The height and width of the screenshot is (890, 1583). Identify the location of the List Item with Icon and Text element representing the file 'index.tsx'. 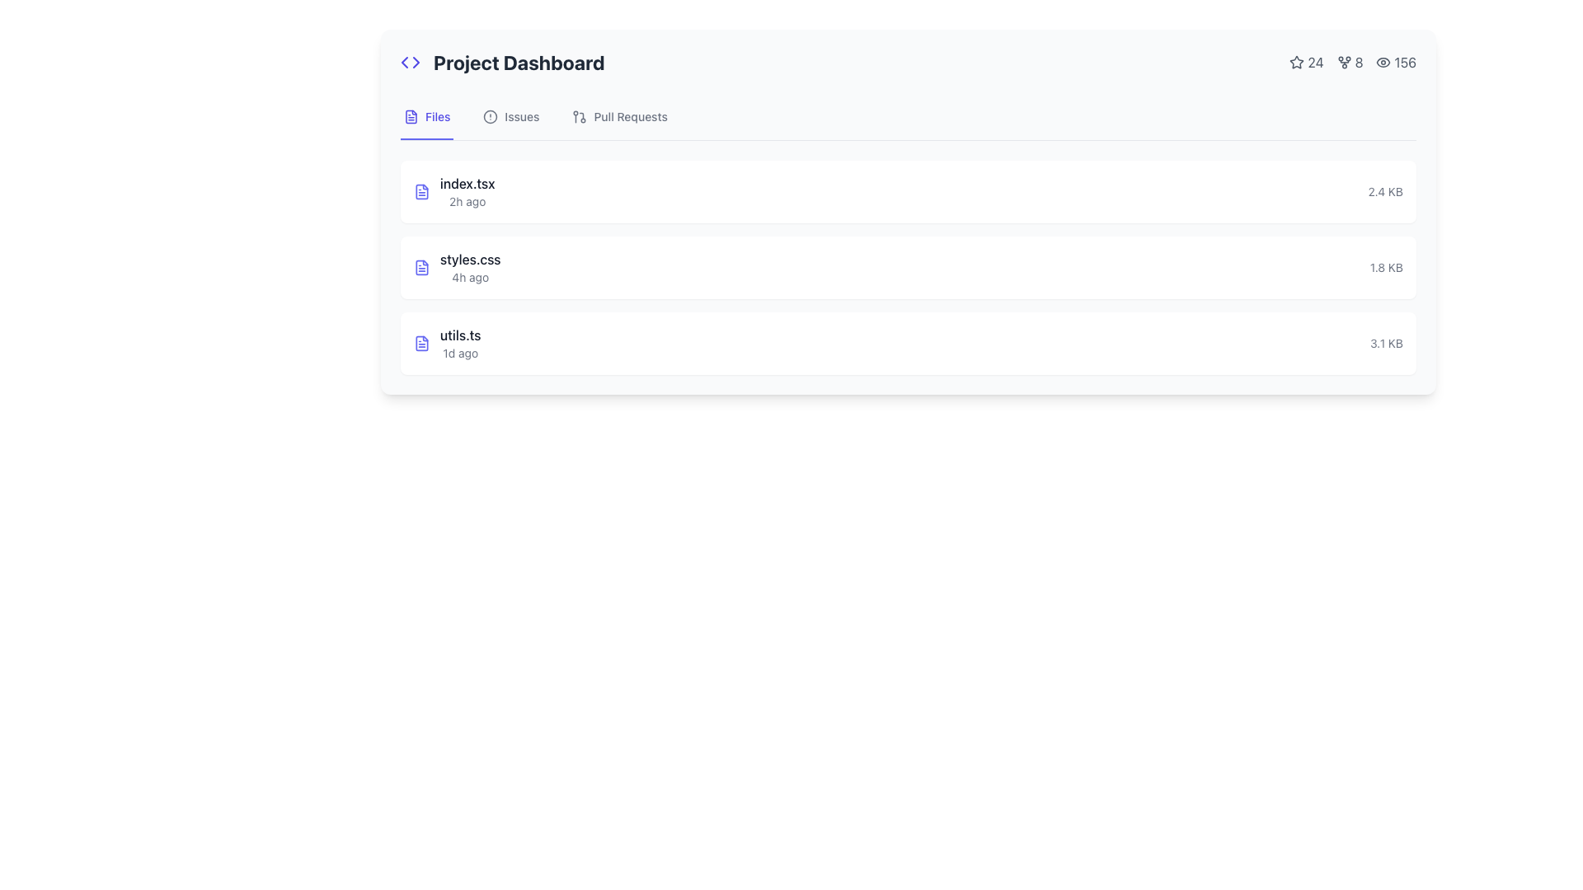
(454, 190).